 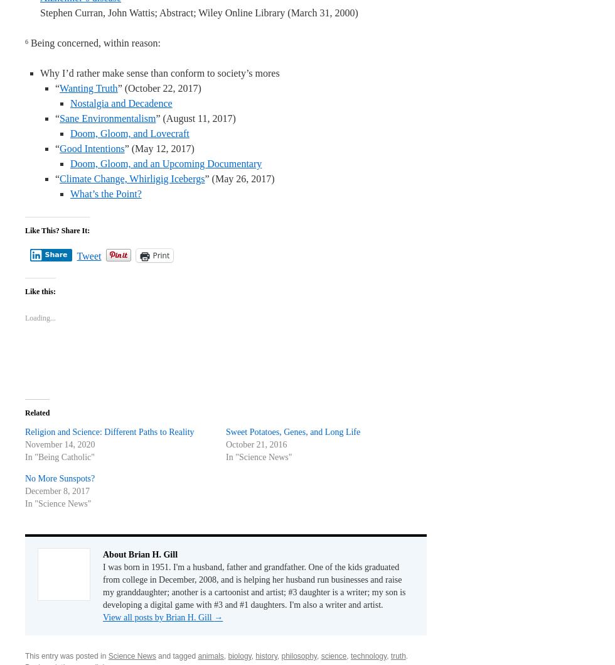 I want to click on '” (May 12, 2017)', so click(x=159, y=148).